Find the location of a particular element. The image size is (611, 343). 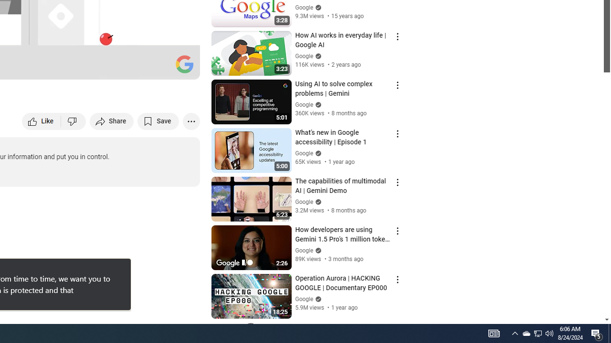

'Save to playlist' is located at coordinates (158, 121).